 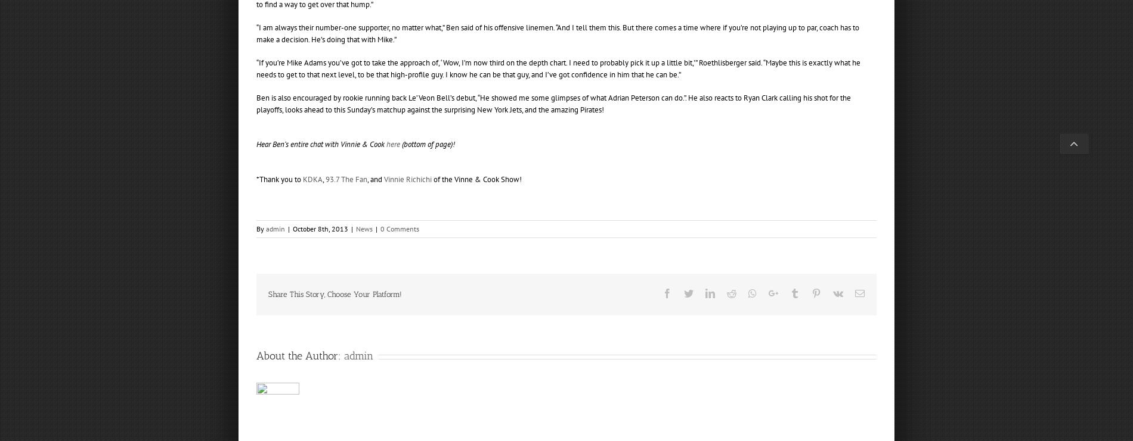 I want to click on '*Thank you to', so click(x=278, y=178).